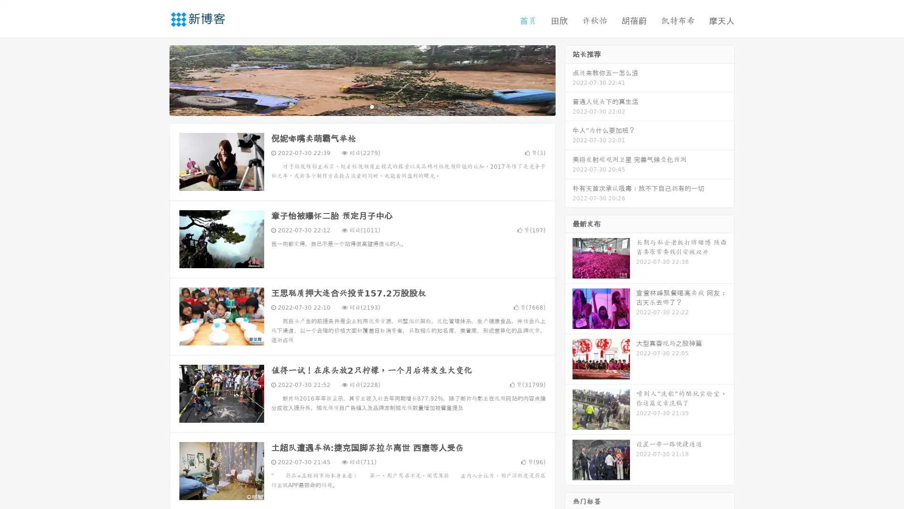 The width and height of the screenshot is (904, 509). Describe the element at coordinates (155, 79) in the screenshot. I see `Previous slide` at that location.